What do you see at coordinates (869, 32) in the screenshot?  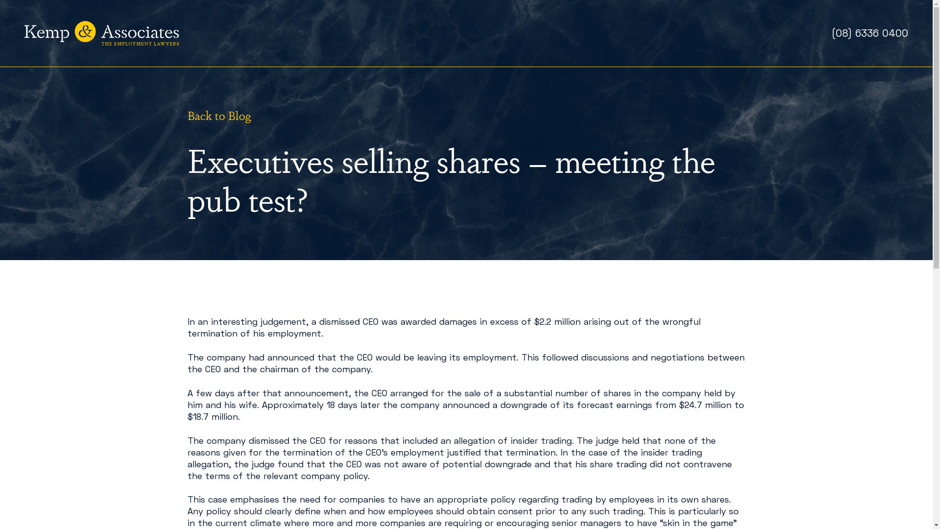 I see `'(08) 6336 0400'` at bounding box center [869, 32].